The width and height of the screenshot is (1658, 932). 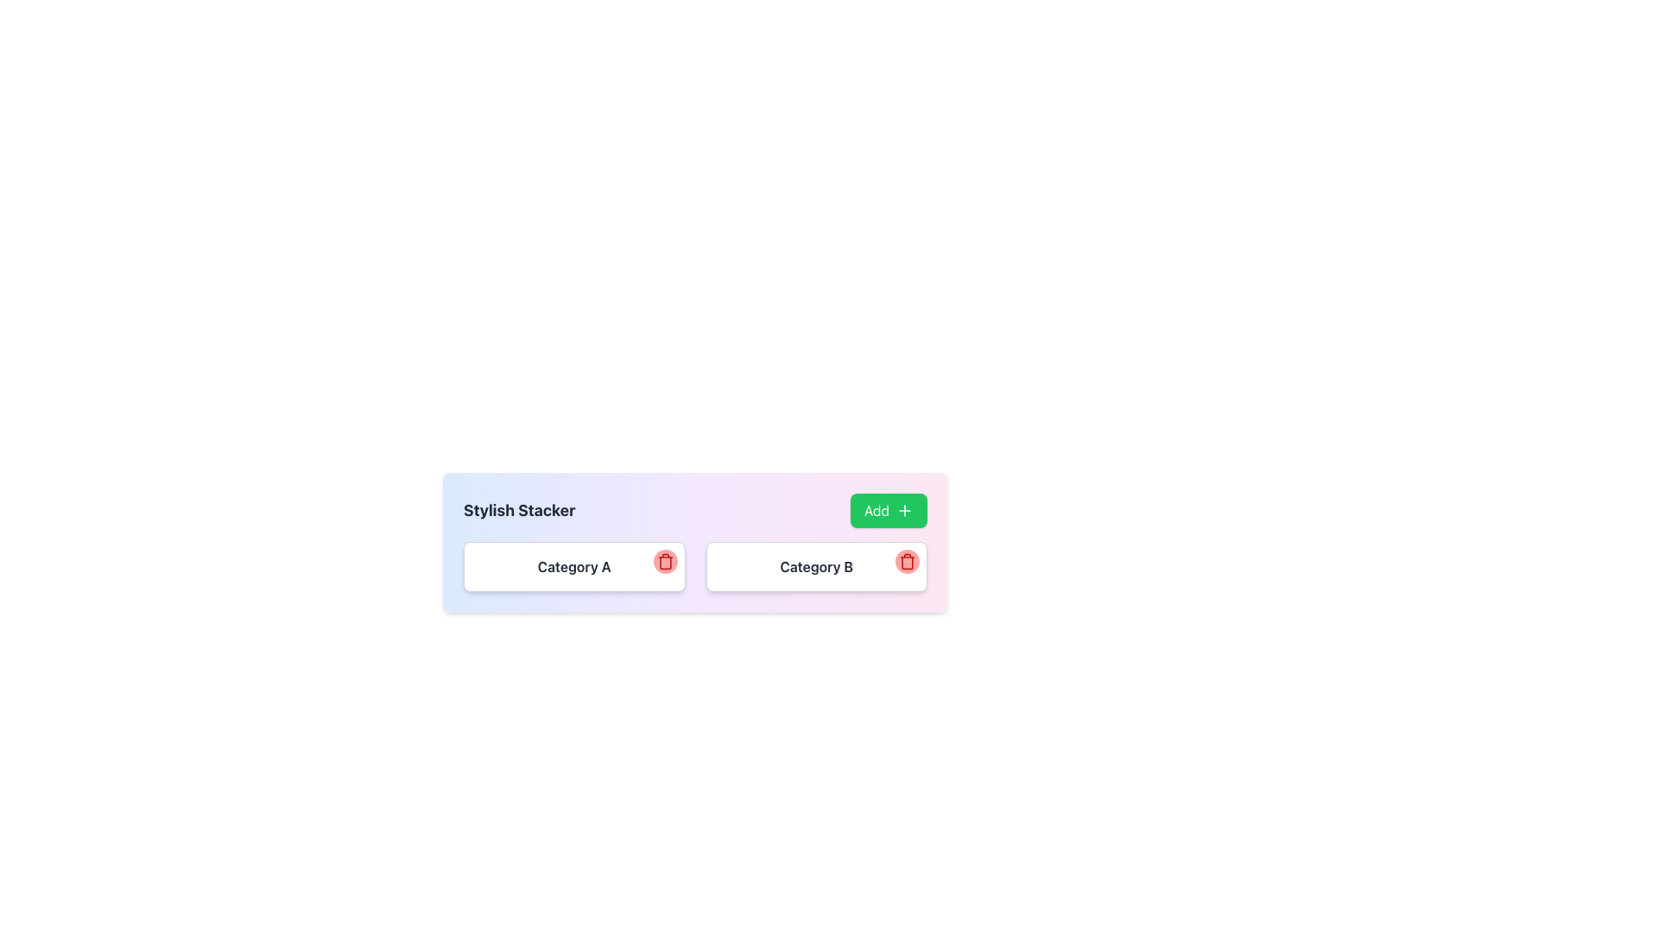 I want to click on the 'Add' button, which has a green background, white text, and a '+' icon, located on the far-right side of the layout row with the 'Stylish Stacker' label, so click(x=889, y=509).